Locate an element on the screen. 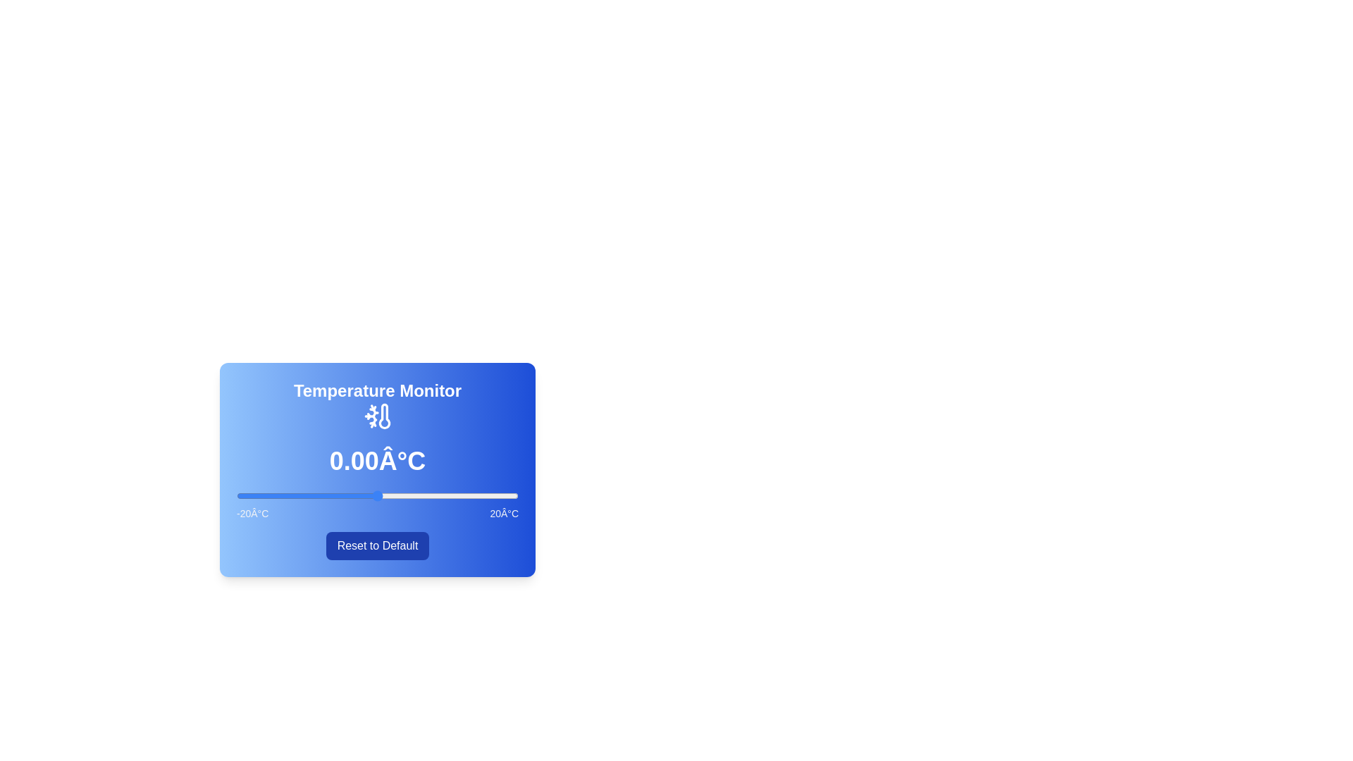 This screenshot has height=761, width=1353. the temperature slider to -12 degrees Celsius is located at coordinates (292, 495).